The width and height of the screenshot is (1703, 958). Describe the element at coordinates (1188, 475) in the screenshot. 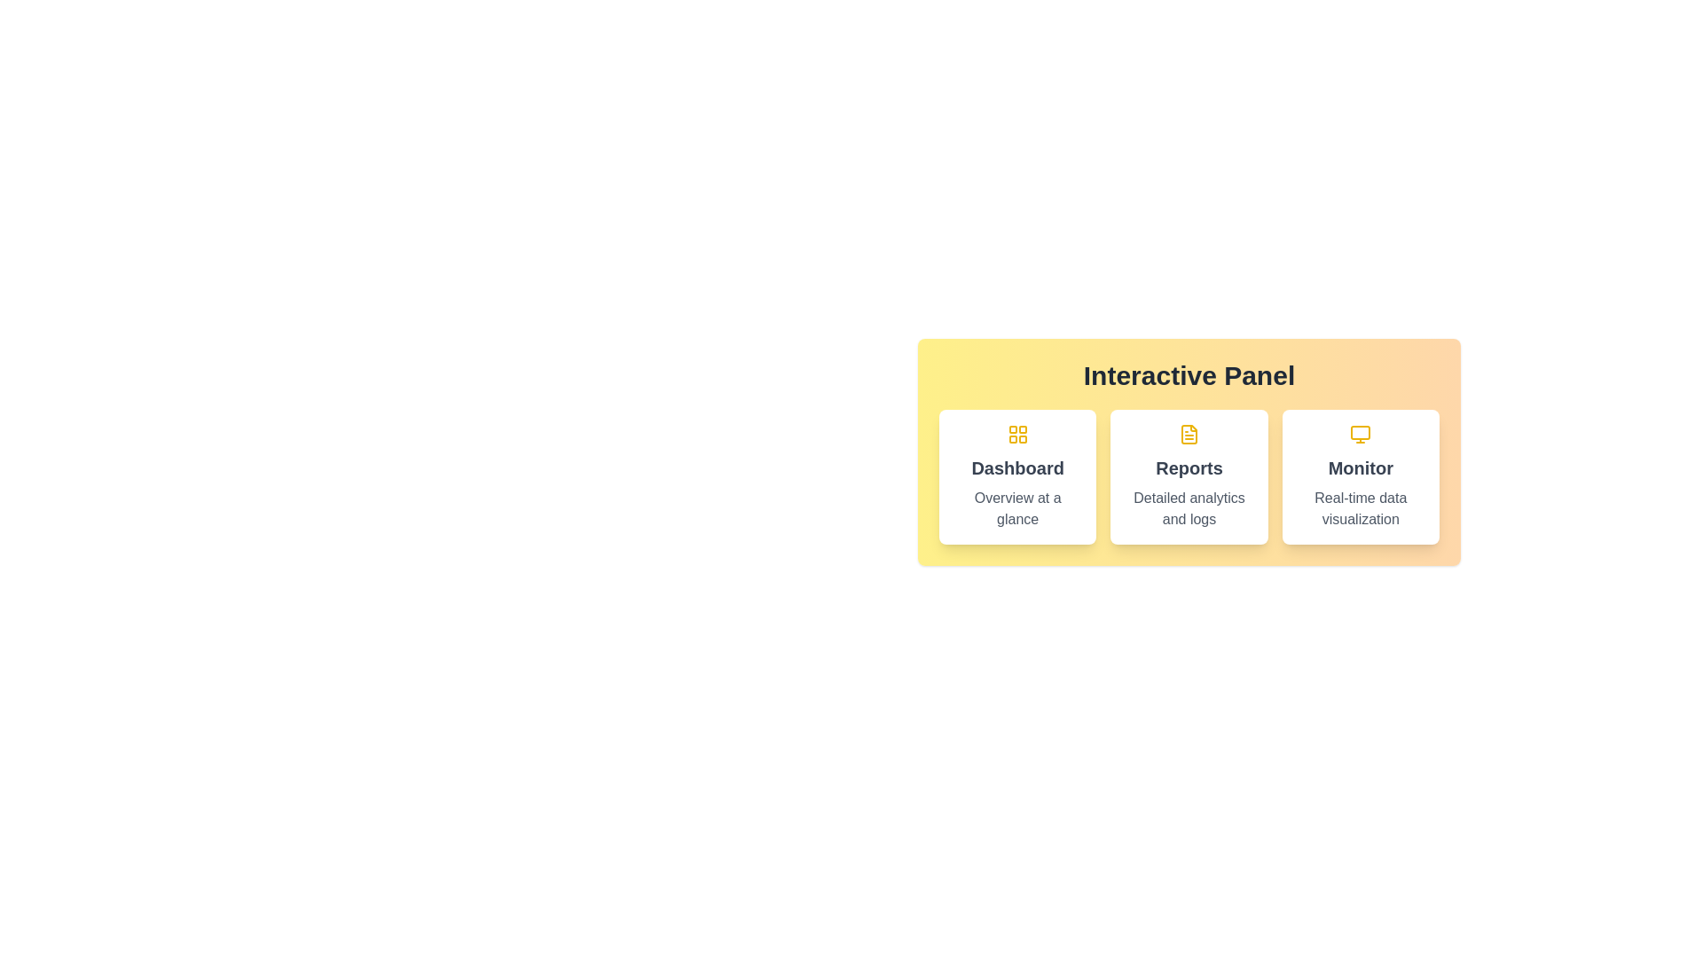

I see `the 'Reports' panel` at that location.